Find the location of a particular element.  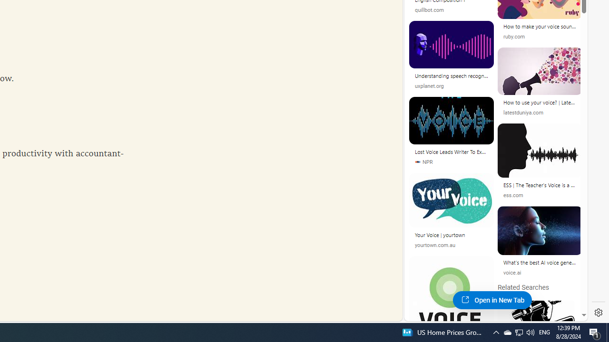

'How to make your voice sound better | Ruby Blog' is located at coordinates (540, 26).